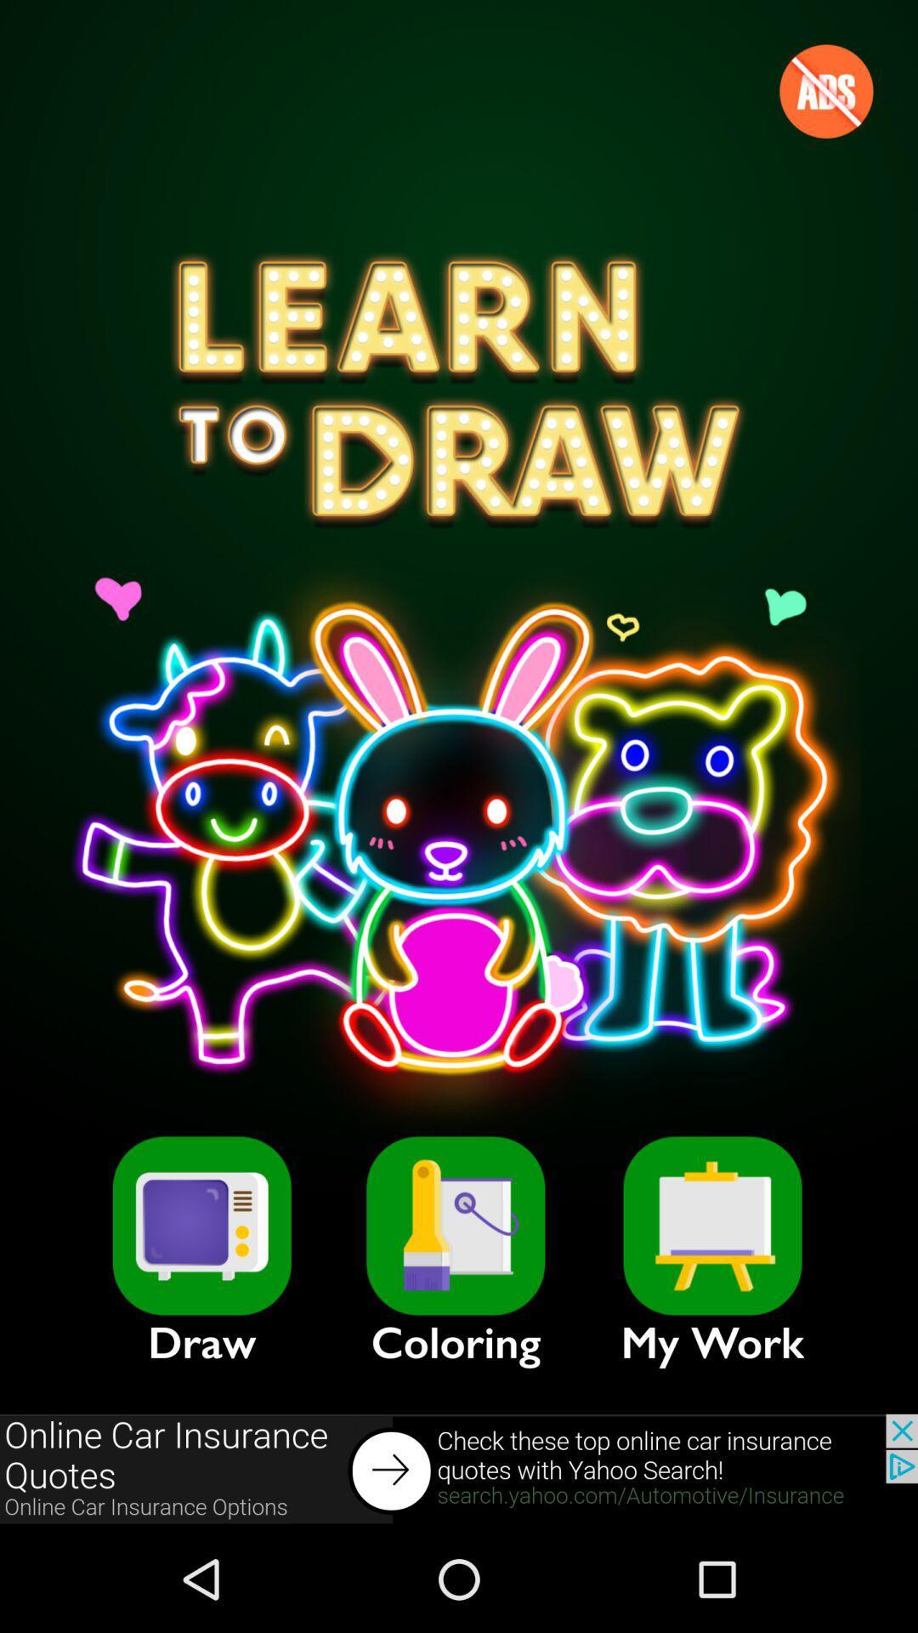 The image size is (918, 1633). What do you see at coordinates (201, 1226) in the screenshot?
I see `draw` at bounding box center [201, 1226].